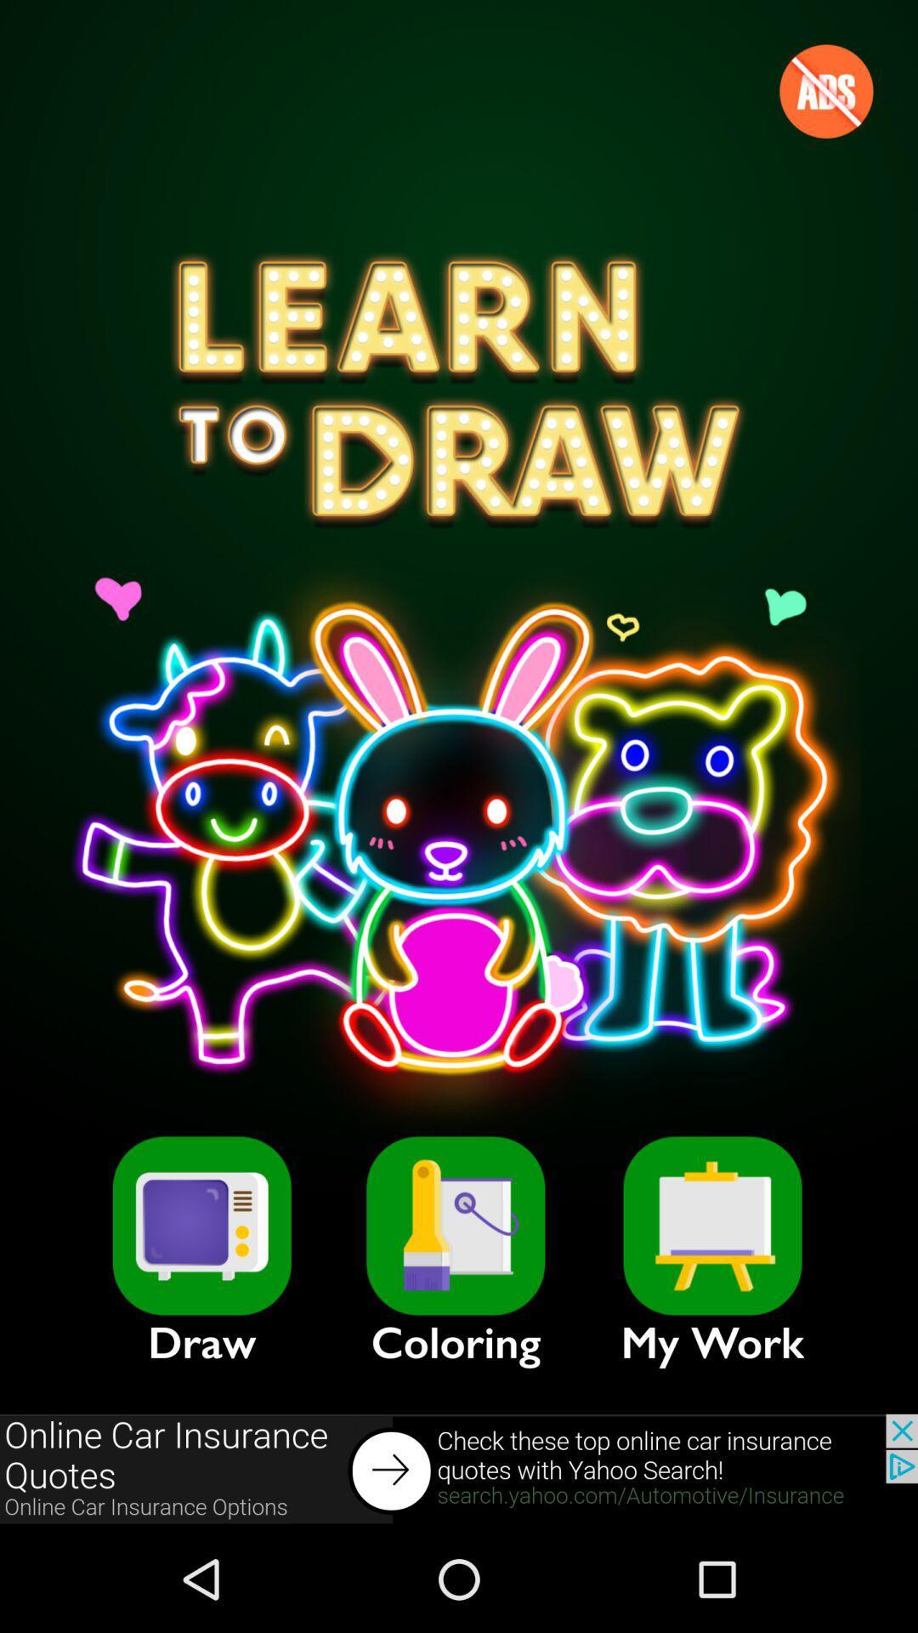 The image size is (918, 1633). What do you see at coordinates (201, 1226) in the screenshot?
I see `draw` at bounding box center [201, 1226].